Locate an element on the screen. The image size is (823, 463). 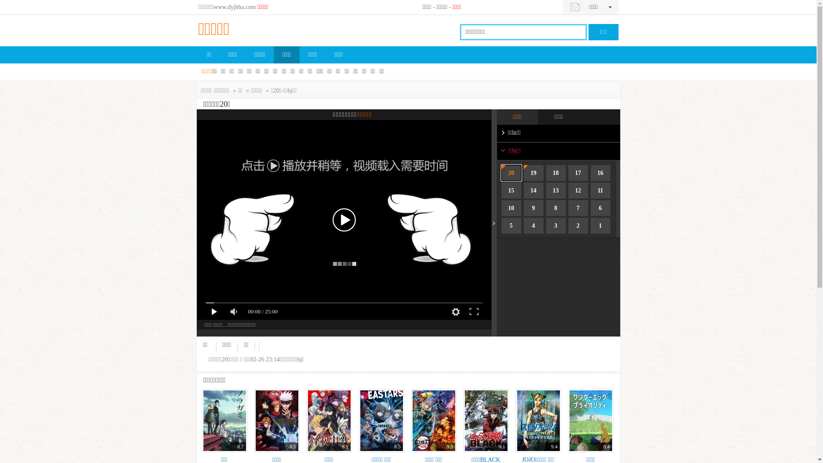
'4' is located at coordinates (533, 225).